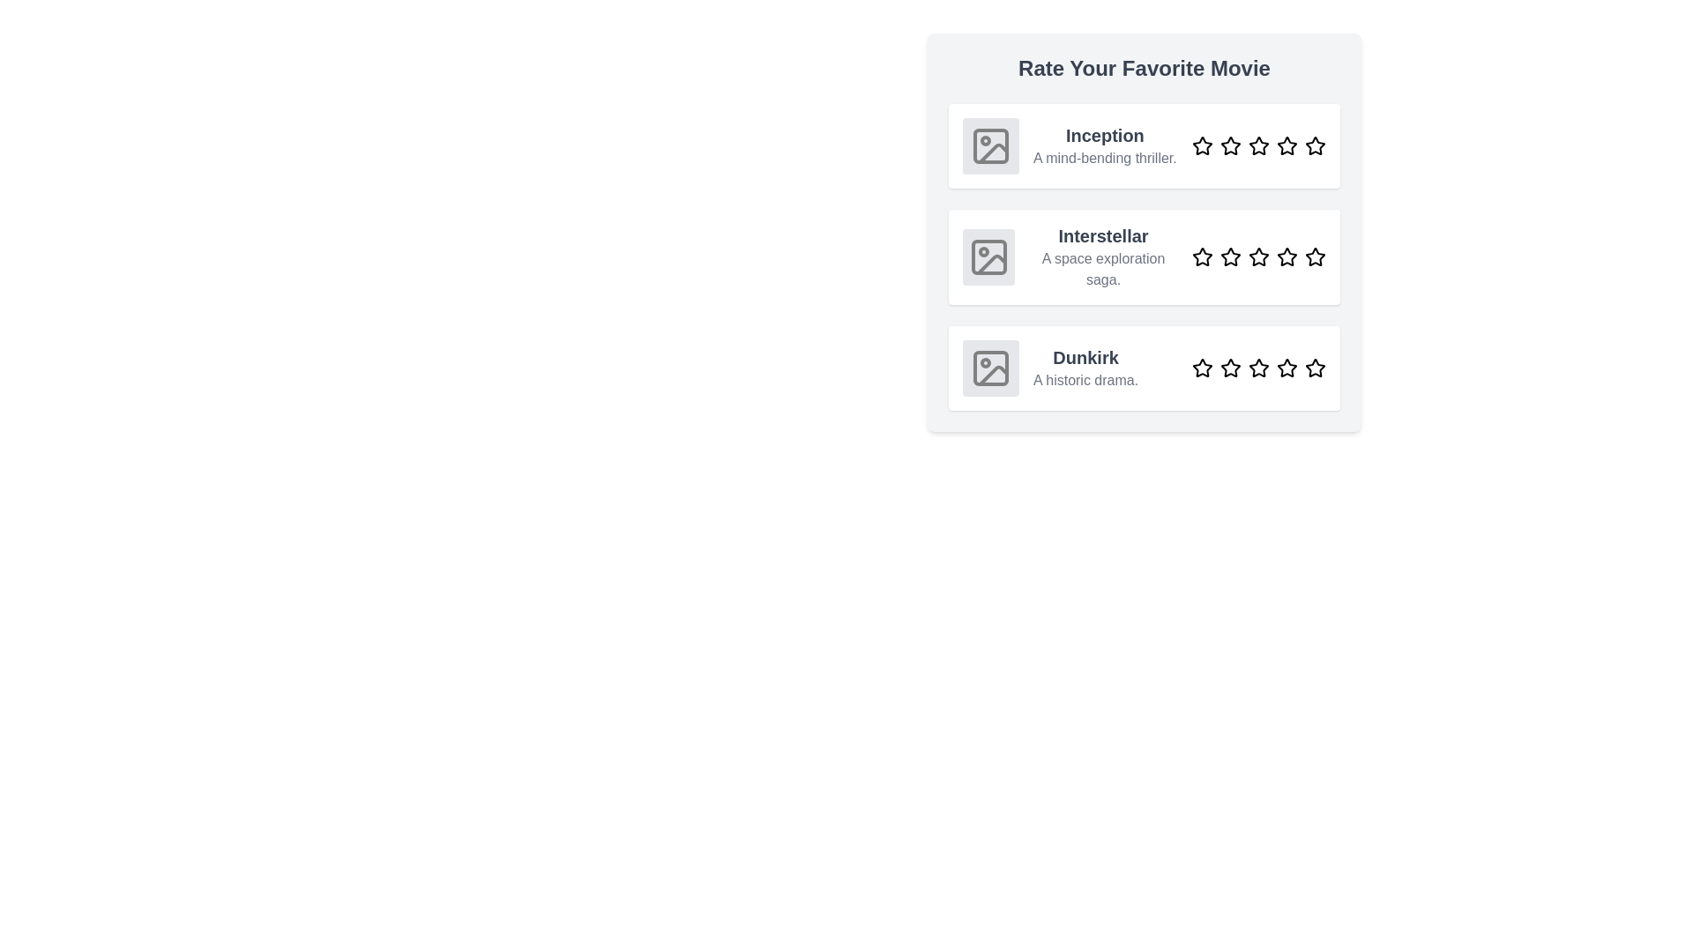 The height and width of the screenshot is (952, 1693). I want to click on the first rating star icon with a black outline to rate the movie 'Inception', so click(1201, 145).